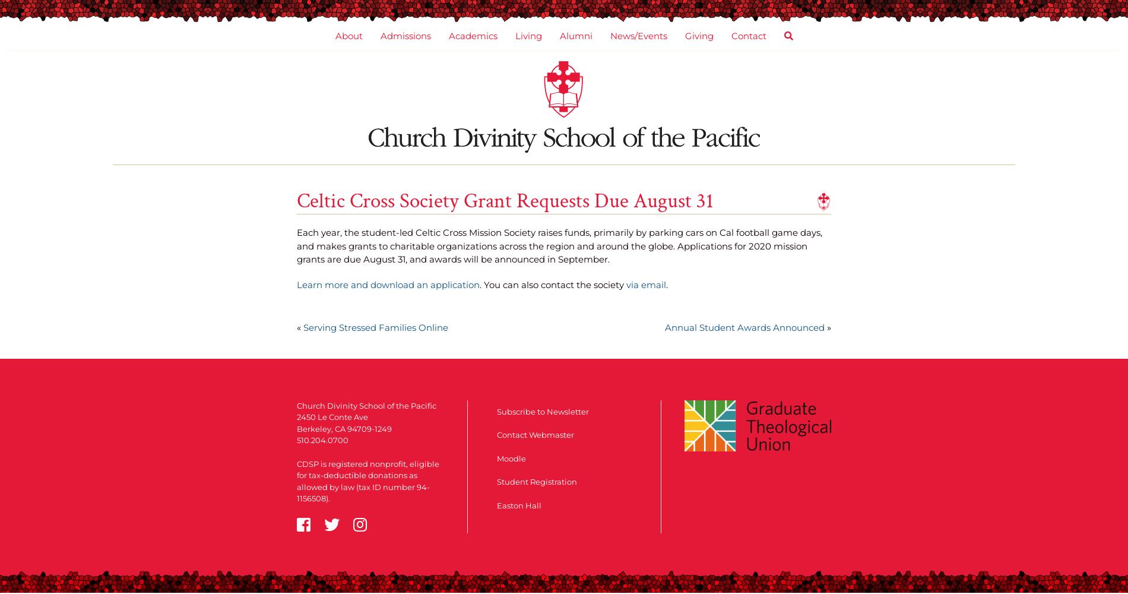  I want to click on 'Community Organizing', so click(516, 168).